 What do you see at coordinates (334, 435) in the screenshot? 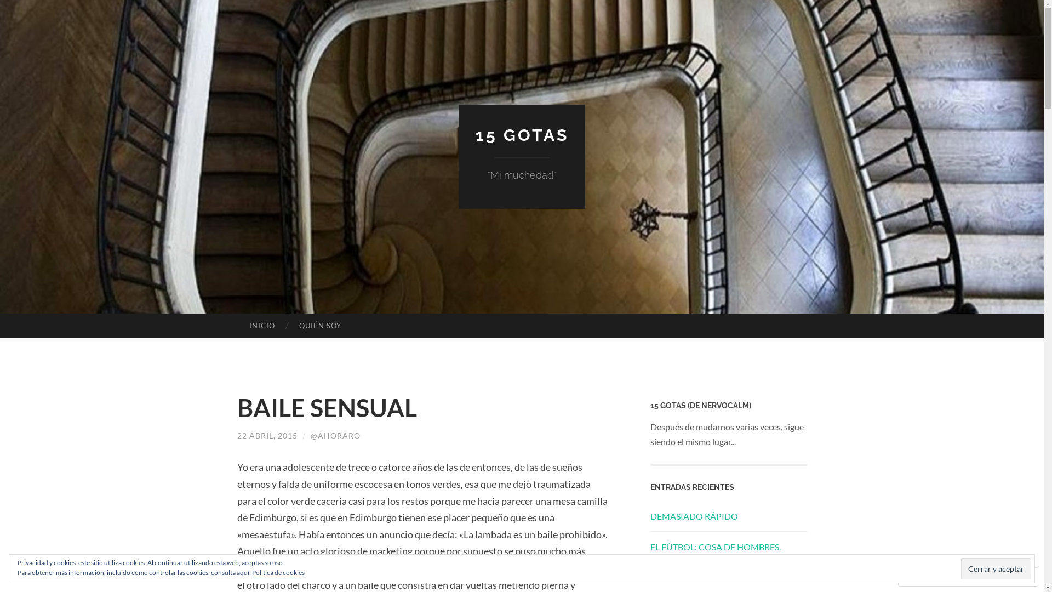
I see `'@AHORARO'` at bounding box center [334, 435].